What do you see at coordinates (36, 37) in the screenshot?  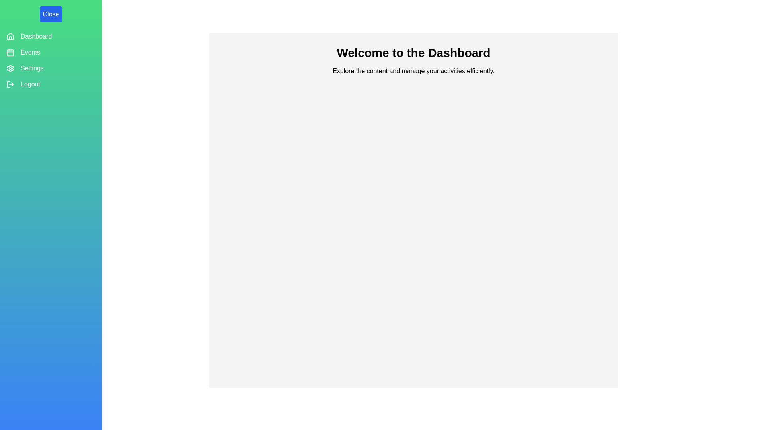 I see `the 'Dashboard' item in the drawer navigation` at bounding box center [36, 37].